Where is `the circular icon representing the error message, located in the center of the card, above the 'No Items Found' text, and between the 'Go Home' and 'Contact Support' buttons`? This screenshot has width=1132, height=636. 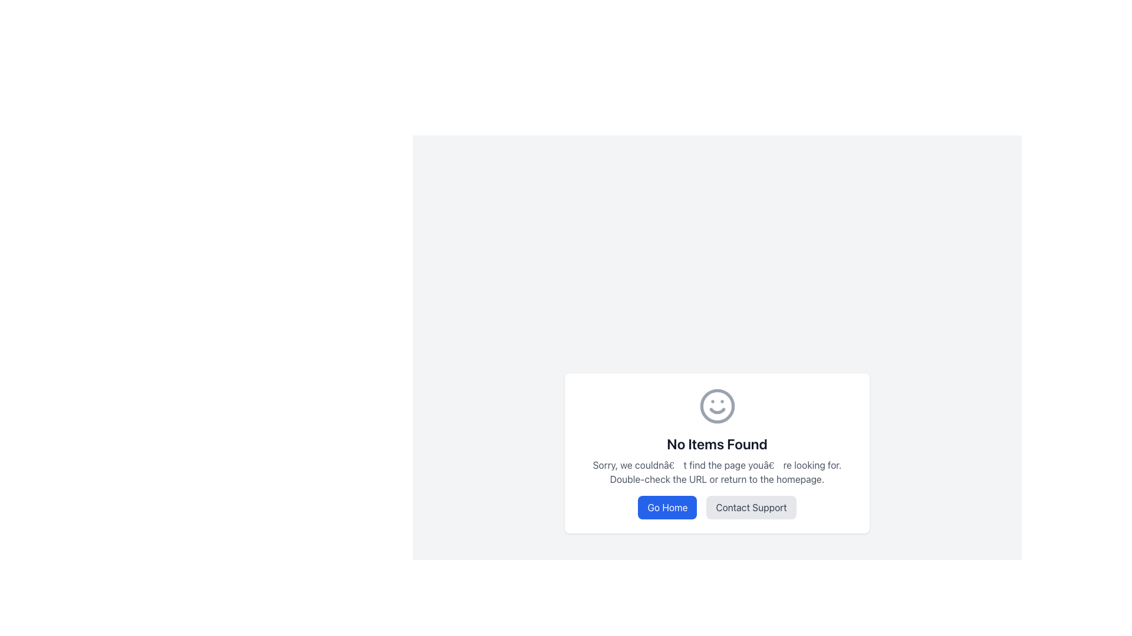 the circular icon representing the error message, located in the center of the card, above the 'No Items Found' text, and between the 'Go Home' and 'Contact Support' buttons is located at coordinates (716, 406).